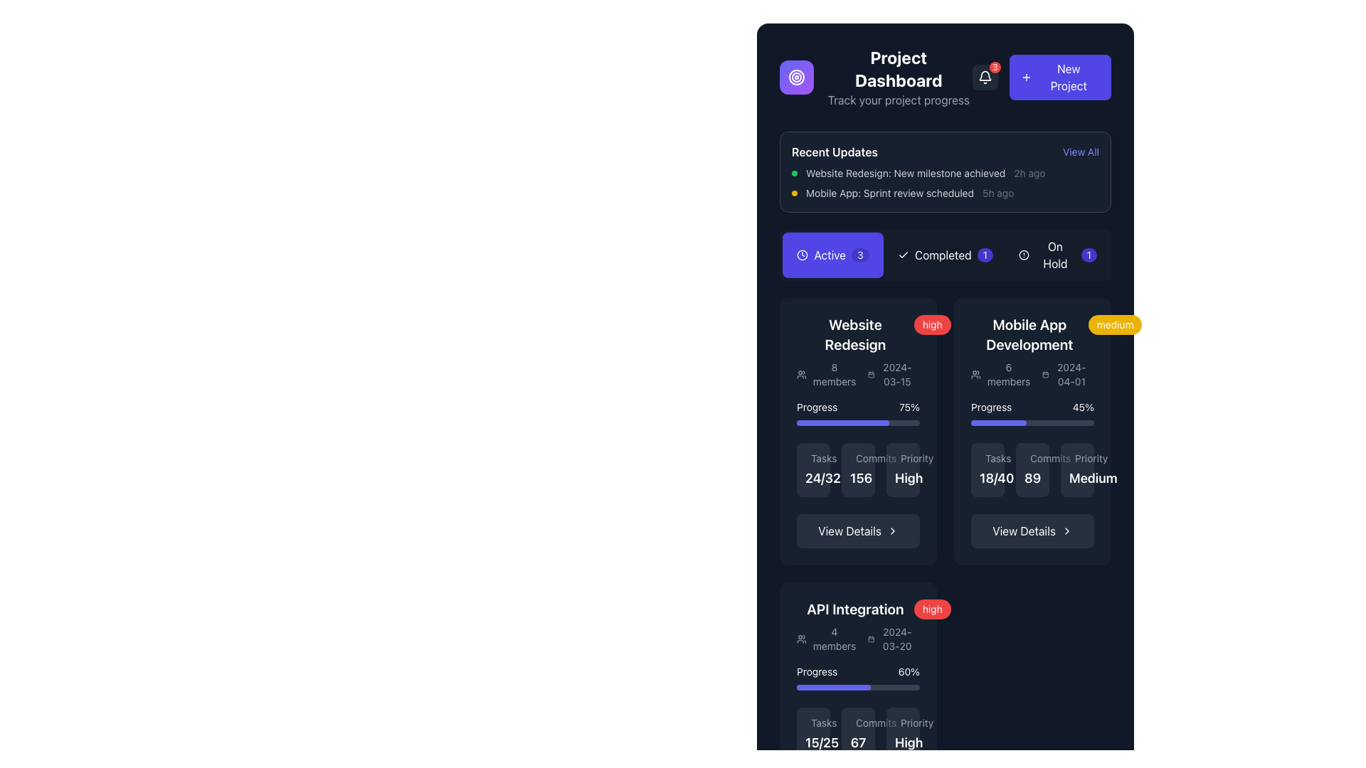 Image resolution: width=1366 pixels, height=768 pixels. What do you see at coordinates (1032, 531) in the screenshot?
I see `the button located at the bottom center of the 'Mobile App Development' card to change its color` at bounding box center [1032, 531].